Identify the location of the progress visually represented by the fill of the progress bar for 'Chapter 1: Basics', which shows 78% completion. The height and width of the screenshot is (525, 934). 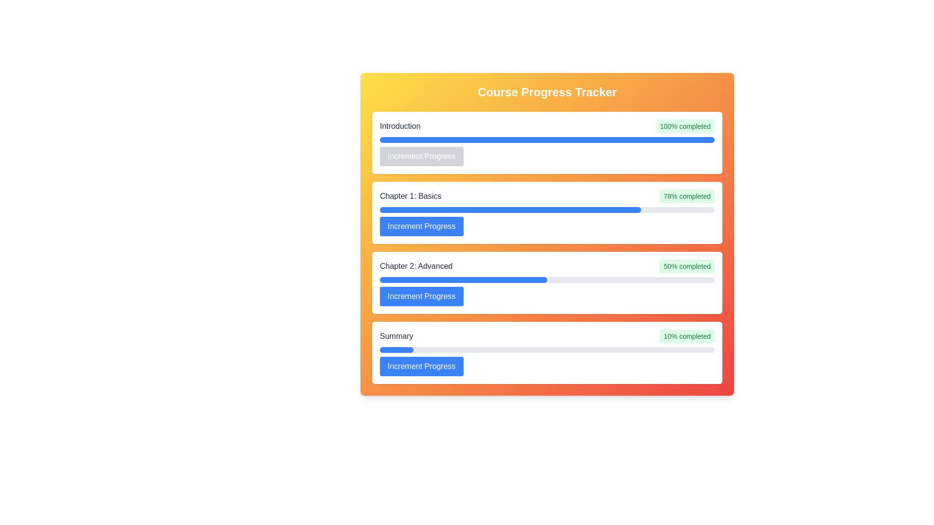
(510, 210).